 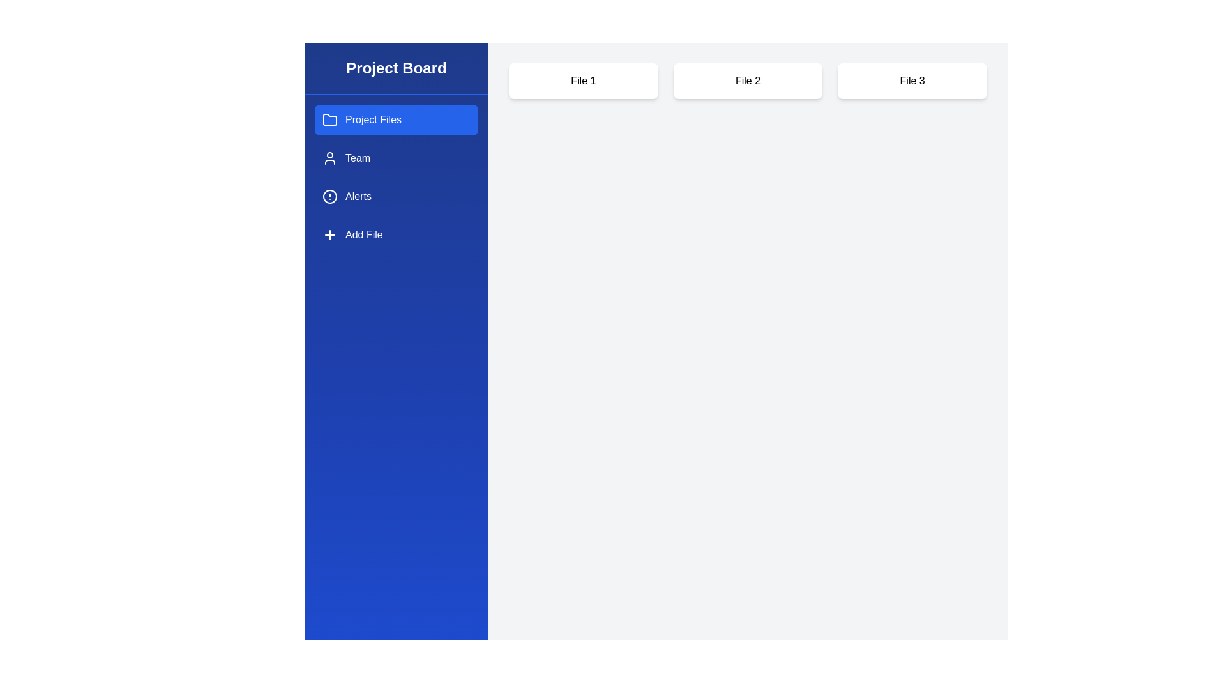 What do you see at coordinates (330, 197) in the screenshot?
I see `the circular SVG graphical element that is part of the alert icon in the left vertical navigation bar, located between the 'Team' icon and 'Add File' option` at bounding box center [330, 197].